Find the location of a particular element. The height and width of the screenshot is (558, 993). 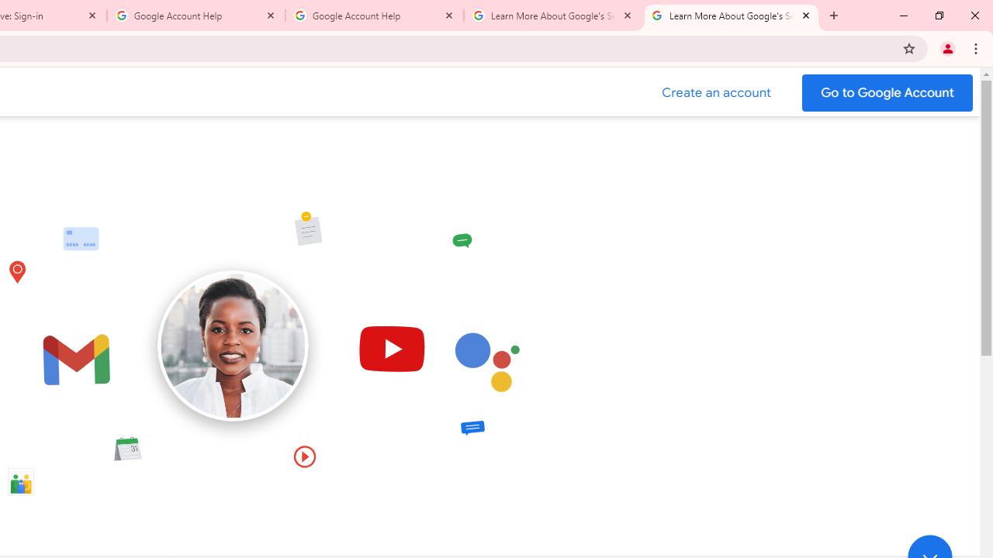

'Go to your Google Account' is located at coordinates (887, 92).